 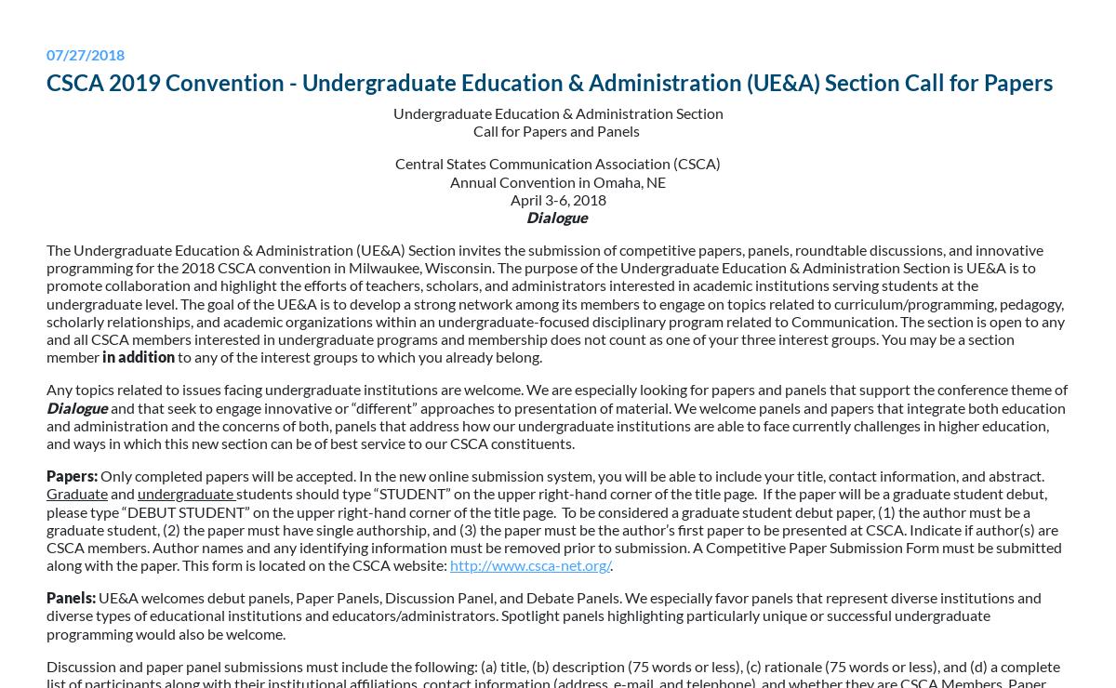 I want to click on 'undergraduate', so click(x=186, y=493).